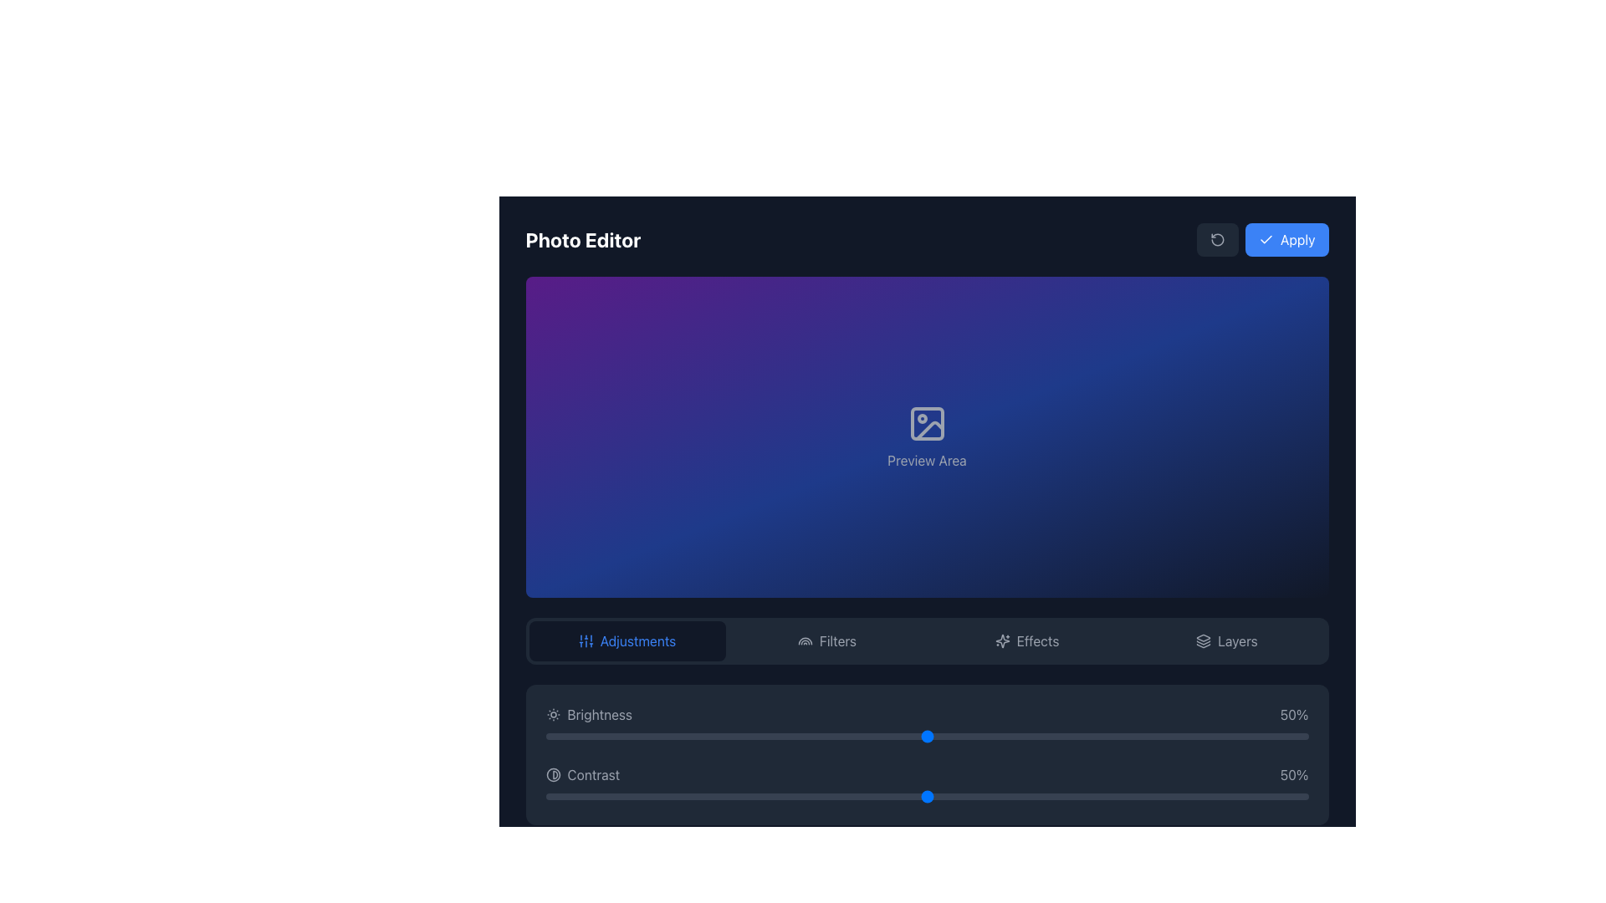 The height and width of the screenshot is (903, 1606). What do you see at coordinates (805, 640) in the screenshot?
I see `the outer arc of the rainbow icon, which is a decorative graphic element within an SVG component located in the top-right section of the interface` at bounding box center [805, 640].